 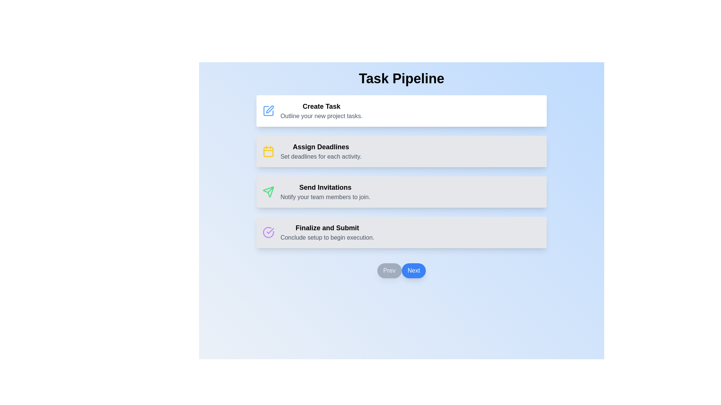 I want to click on the 'Finalize and Submit' icon located at the top-left section of the area for interaction, so click(x=268, y=232).